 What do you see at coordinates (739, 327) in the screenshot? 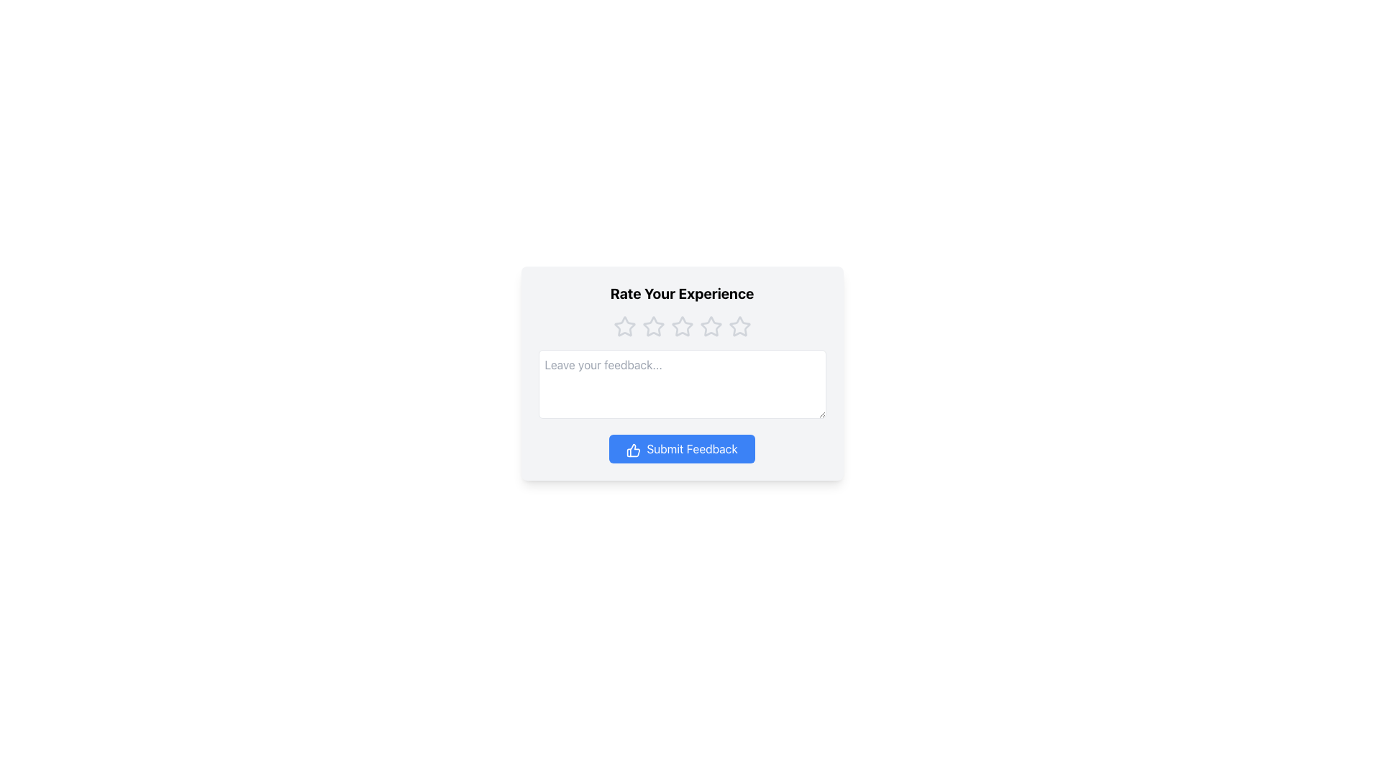
I see `the fifth star in the row of five stars for rating in the feedback card to rate your experience` at bounding box center [739, 327].